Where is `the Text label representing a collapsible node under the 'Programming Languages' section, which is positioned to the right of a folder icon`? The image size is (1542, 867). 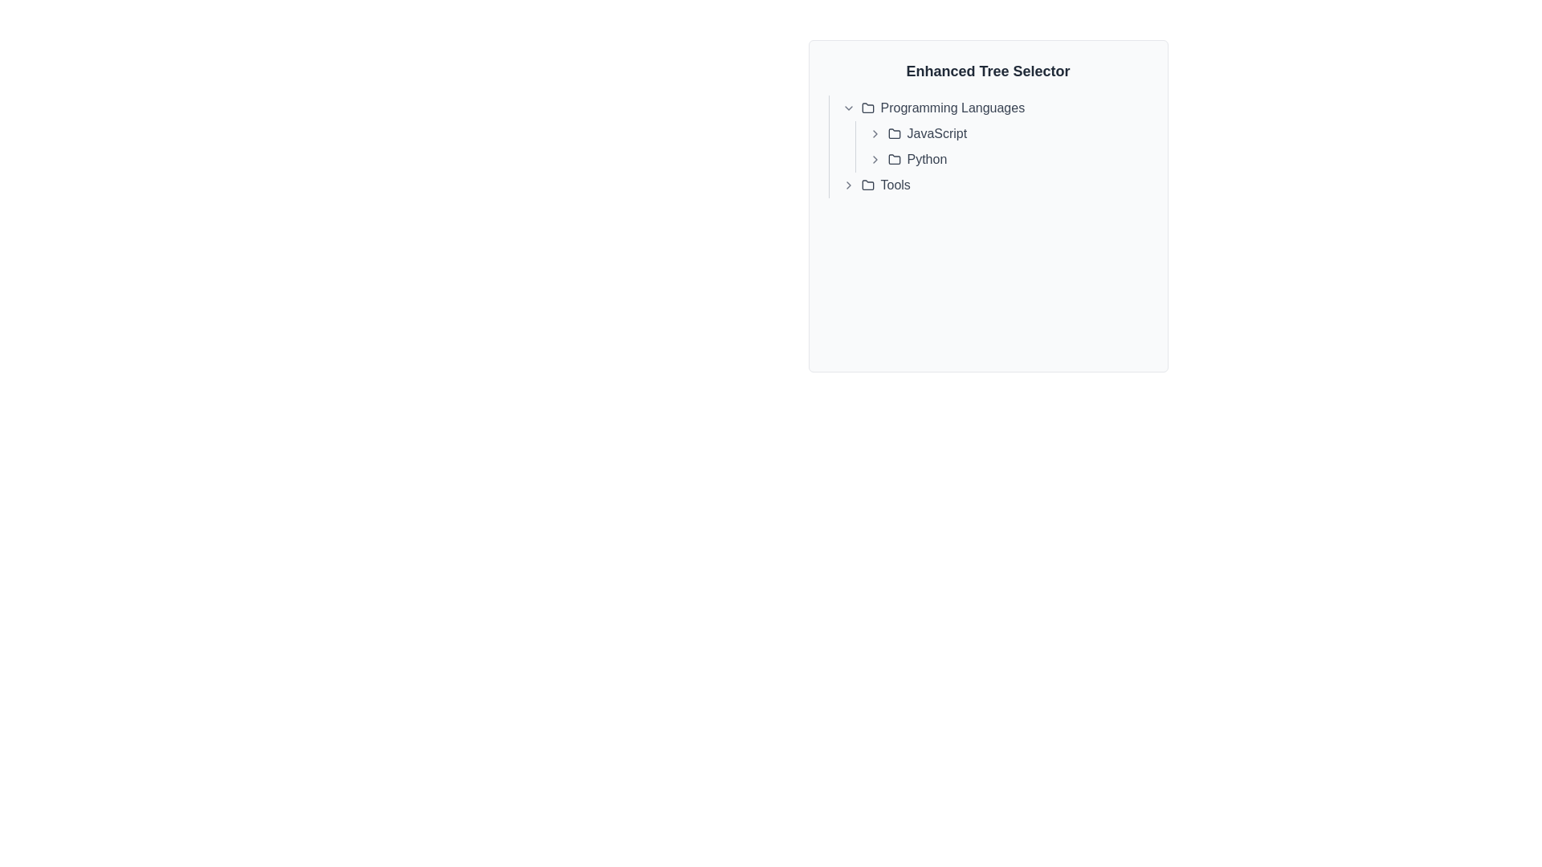 the Text label representing a collapsible node under the 'Programming Languages' section, which is positioned to the right of a folder icon is located at coordinates (895, 185).